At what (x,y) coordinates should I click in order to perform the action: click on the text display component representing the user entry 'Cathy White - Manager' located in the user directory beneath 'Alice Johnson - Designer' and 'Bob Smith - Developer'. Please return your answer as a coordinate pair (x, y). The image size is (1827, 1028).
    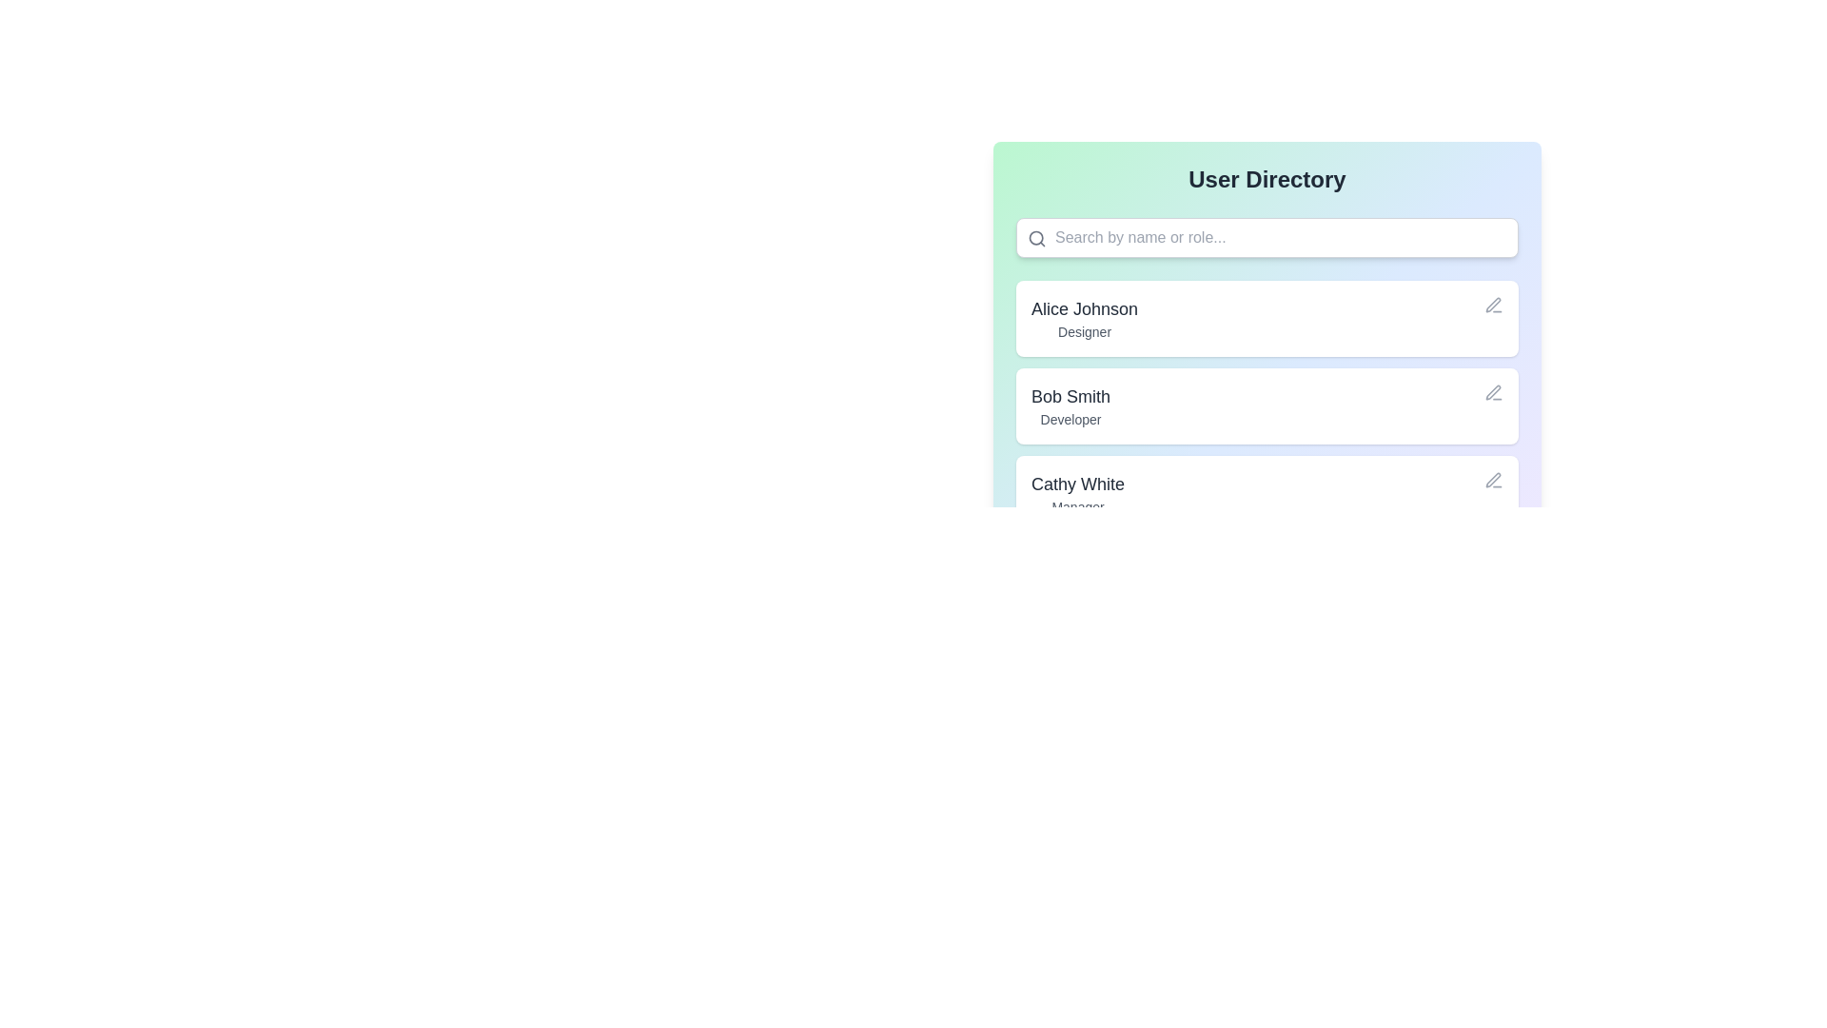
    Looking at the image, I should click on (1077, 493).